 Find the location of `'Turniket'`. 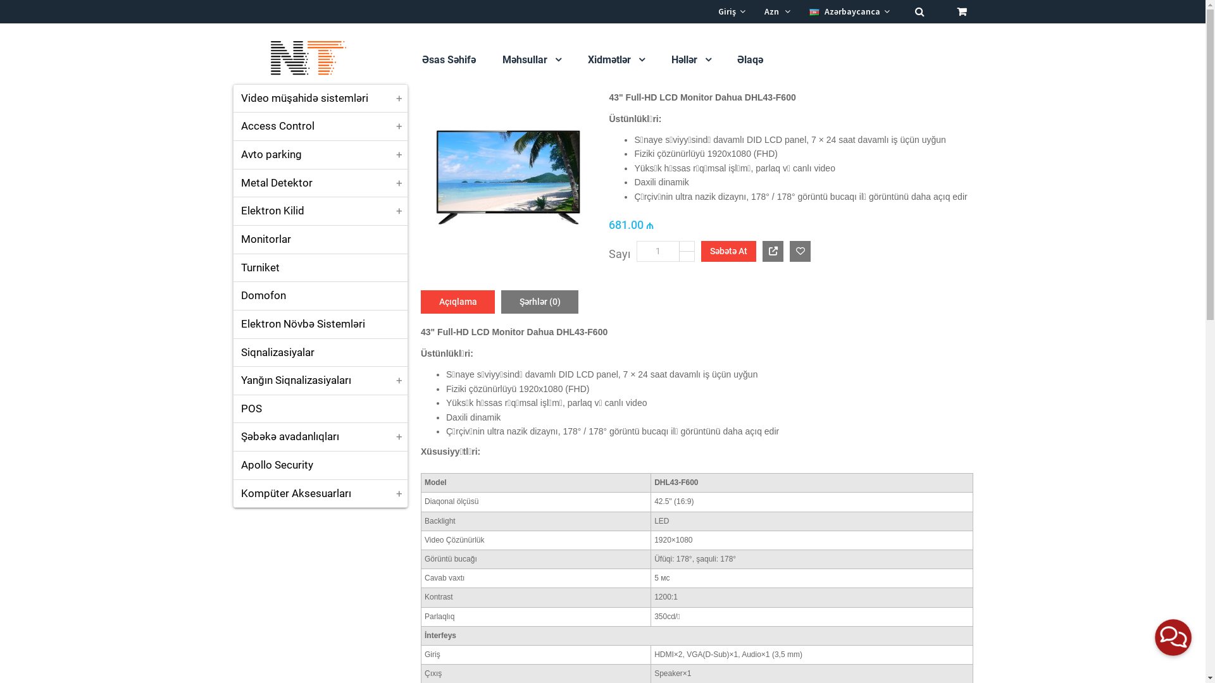

'Turniket' is located at coordinates (320, 268).